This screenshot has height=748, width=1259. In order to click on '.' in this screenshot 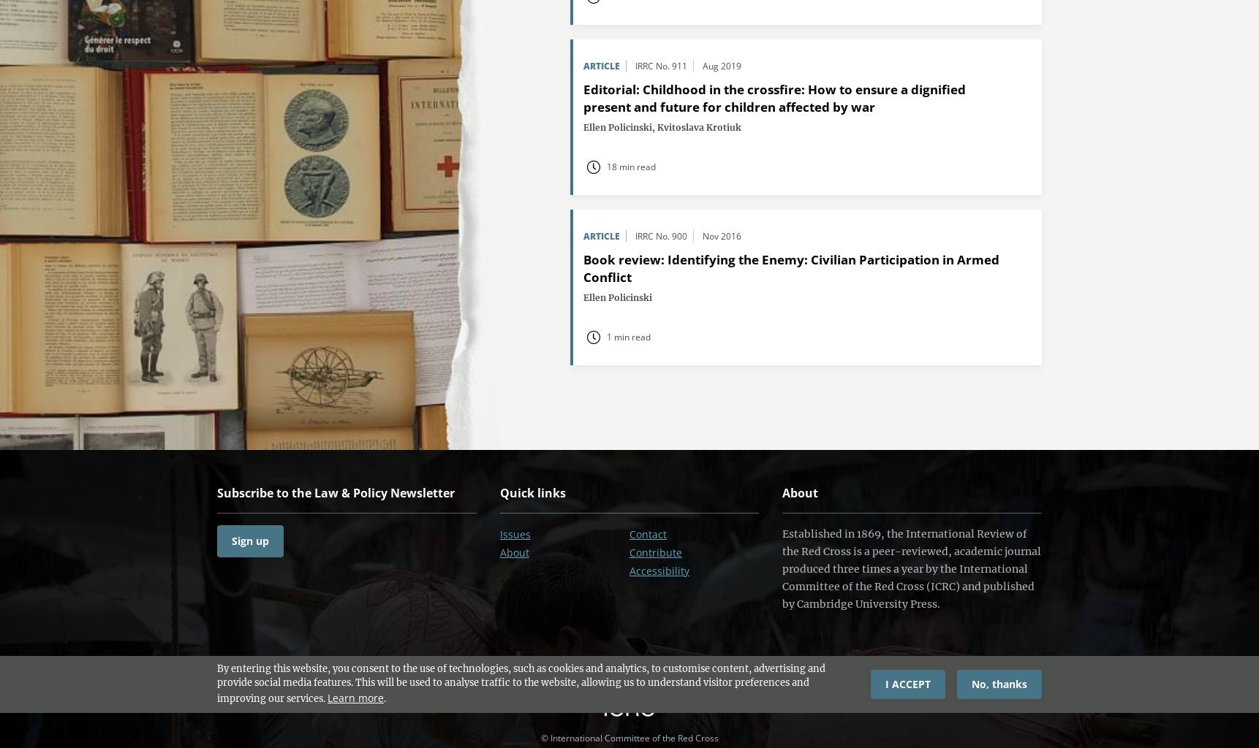, I will do `click(385, 698)`.